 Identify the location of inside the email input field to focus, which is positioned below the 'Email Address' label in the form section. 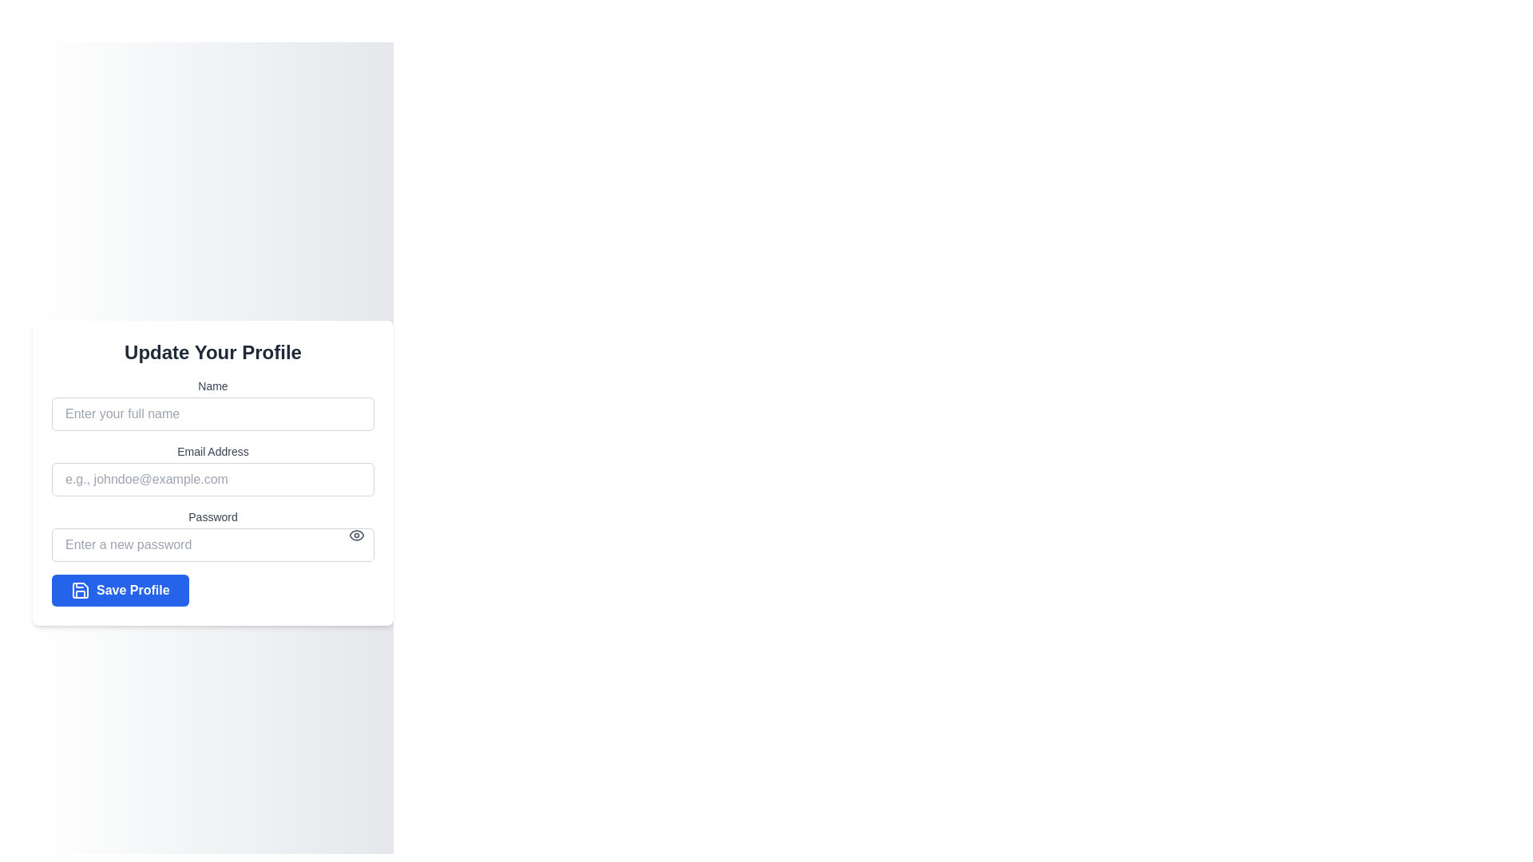
(212, 479).